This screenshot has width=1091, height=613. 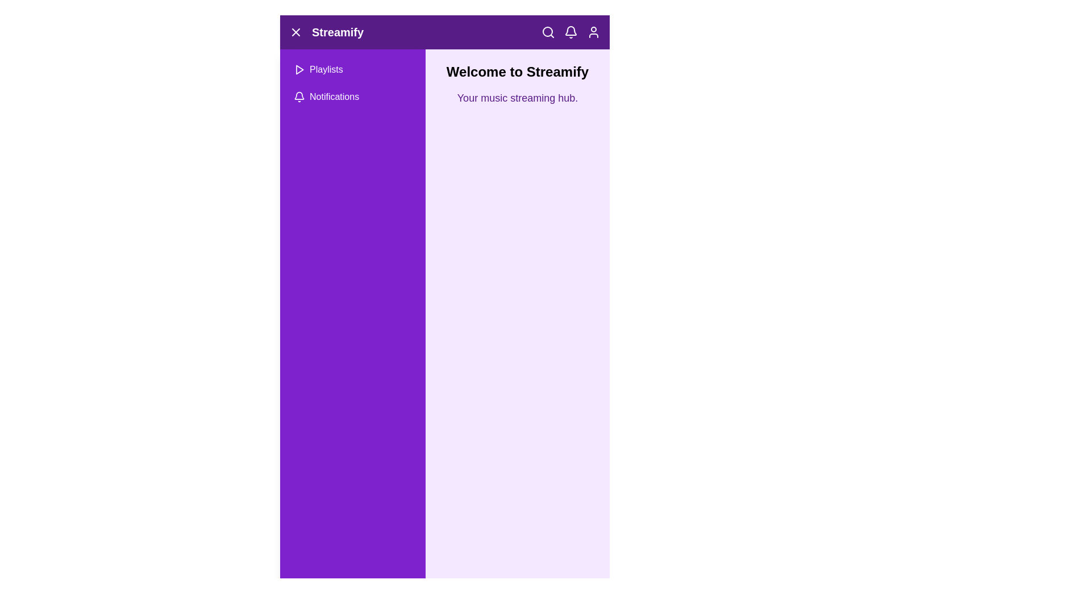 I want to click on the SVG Circle that is part of the magnifying glass icon located in the top-right corner of the navigation bar, to the left of the bell icon, so click(x=548, y=31).